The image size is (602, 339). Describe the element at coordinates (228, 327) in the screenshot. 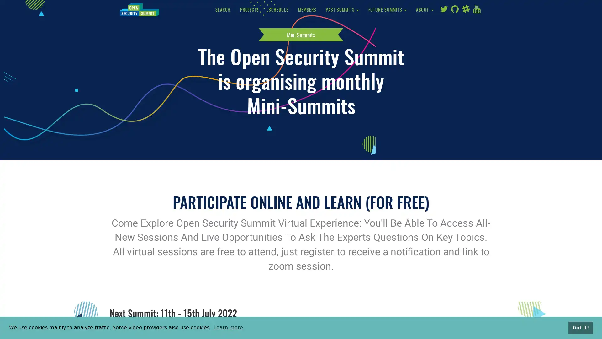

I see `learn more about cookies` at that location.